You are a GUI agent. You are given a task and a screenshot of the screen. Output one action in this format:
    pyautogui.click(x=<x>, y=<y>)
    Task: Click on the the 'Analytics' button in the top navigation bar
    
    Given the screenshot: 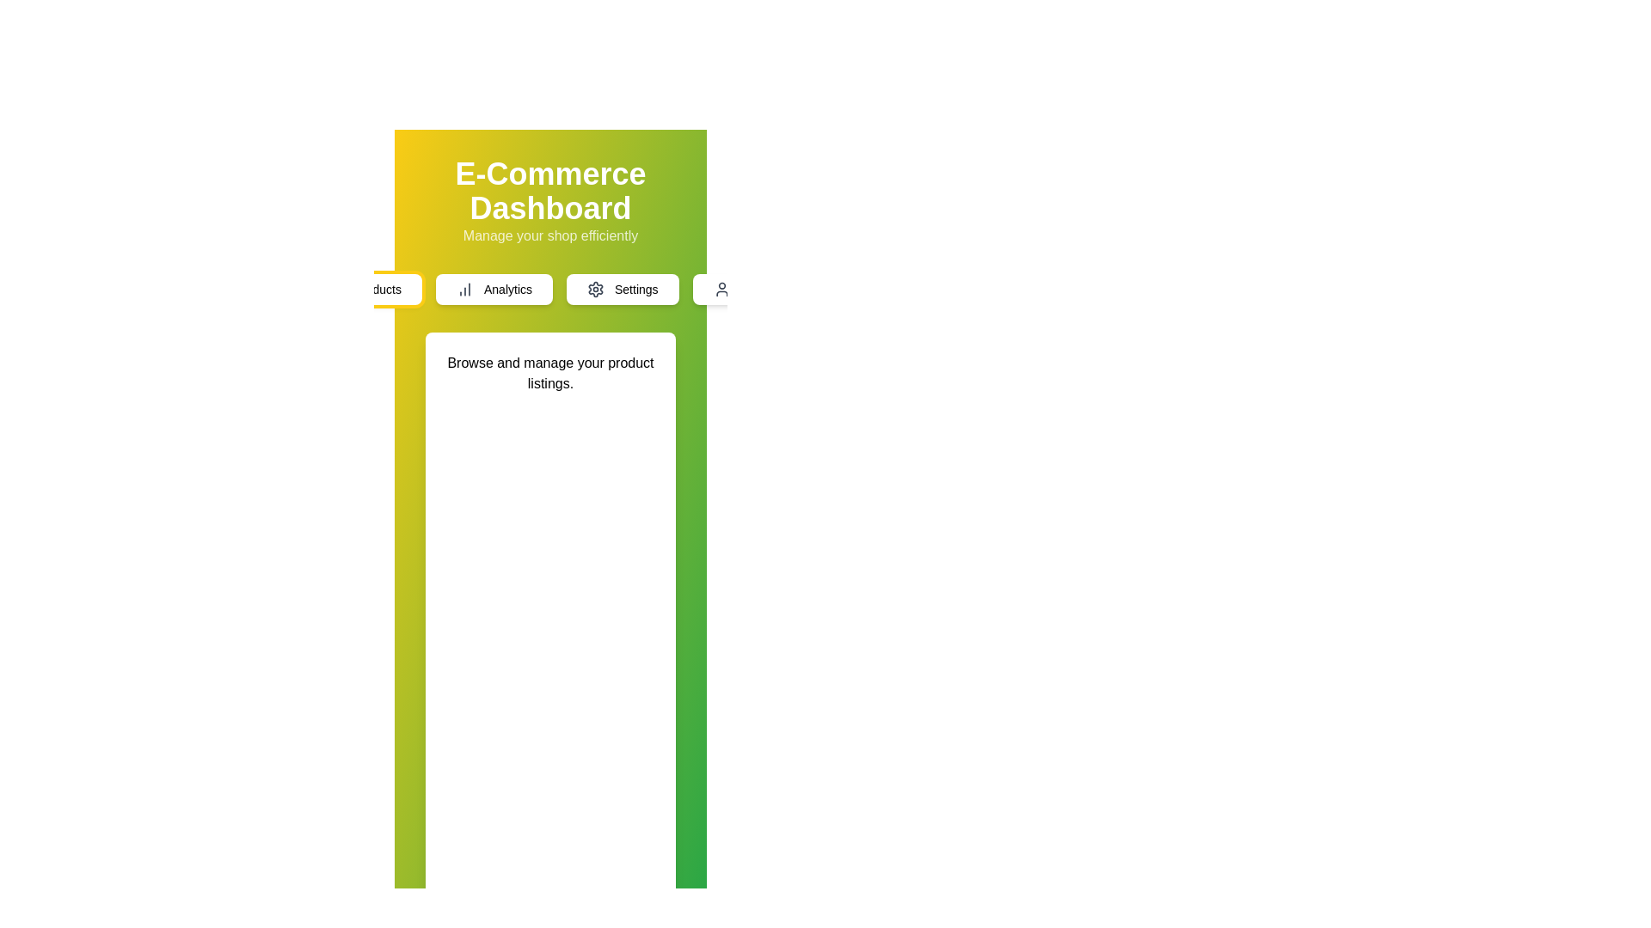 What is the action you would take?
    pyautogui.click(x=506, y=288)
    